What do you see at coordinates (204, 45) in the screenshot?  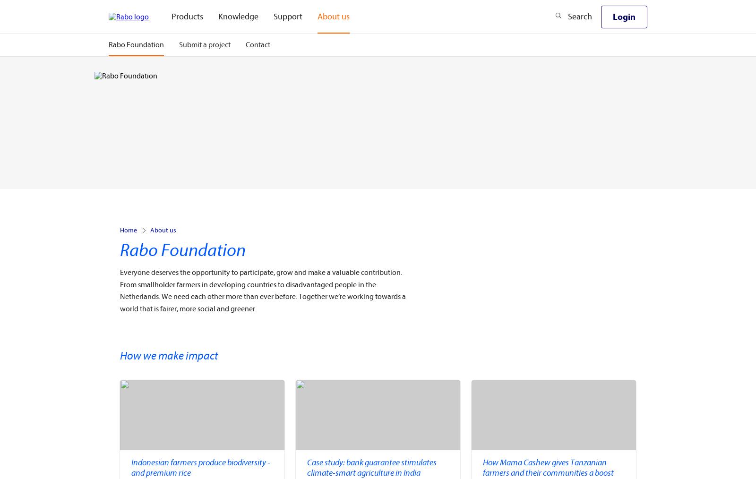 I see `'Submit a project'` at bounding box center [204, 45].